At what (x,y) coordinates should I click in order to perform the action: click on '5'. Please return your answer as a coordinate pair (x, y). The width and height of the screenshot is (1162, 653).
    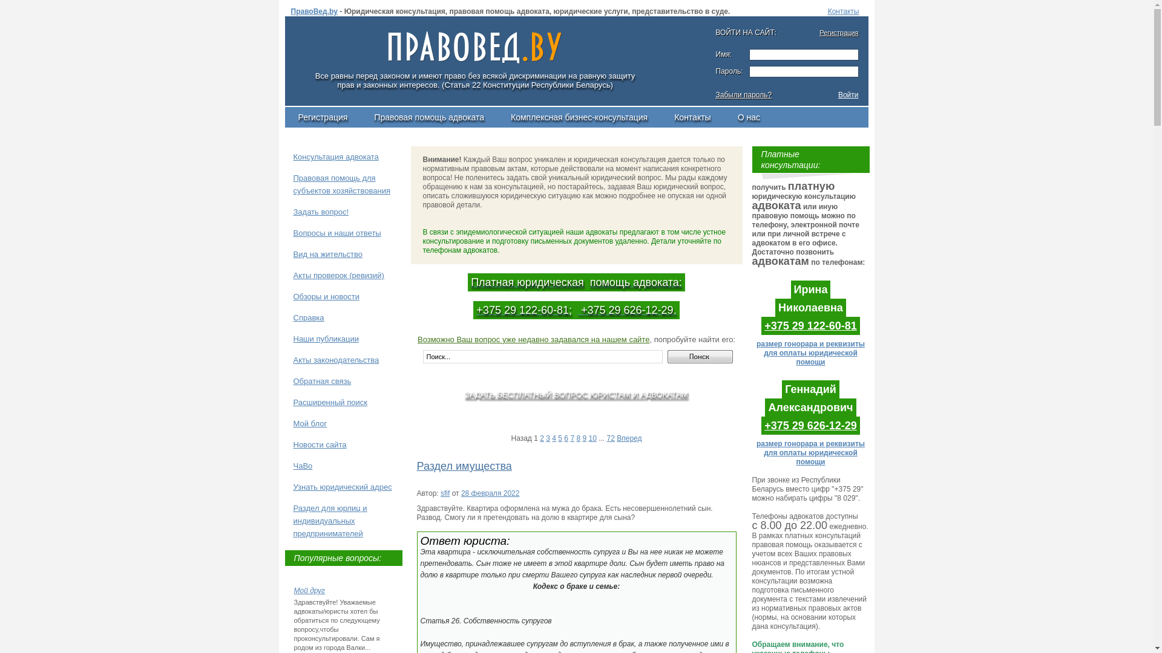
    Looking at the image, I should click on (559, 438).